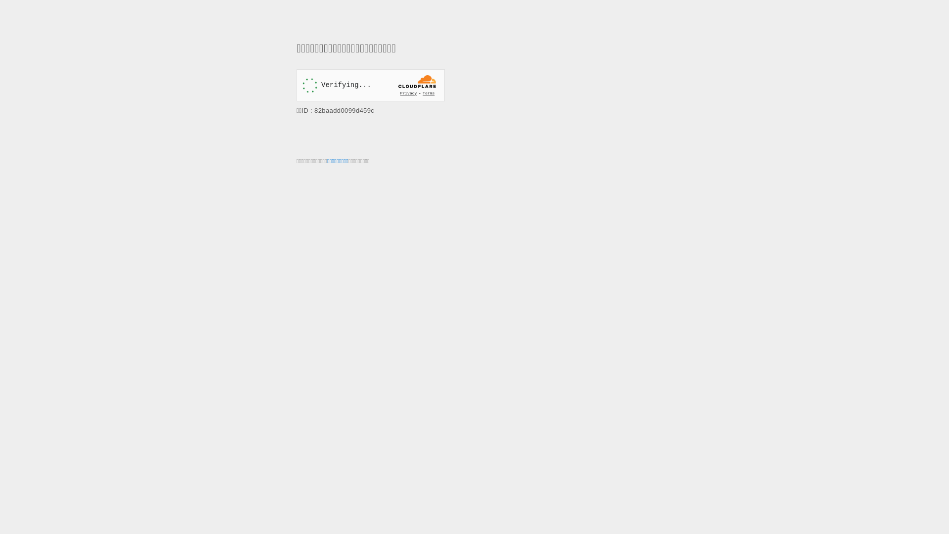  Describe the element at coordinates (370, 85) in the screenshot. I see `'Widget containing a Cloudflare security challenge'` at that location.